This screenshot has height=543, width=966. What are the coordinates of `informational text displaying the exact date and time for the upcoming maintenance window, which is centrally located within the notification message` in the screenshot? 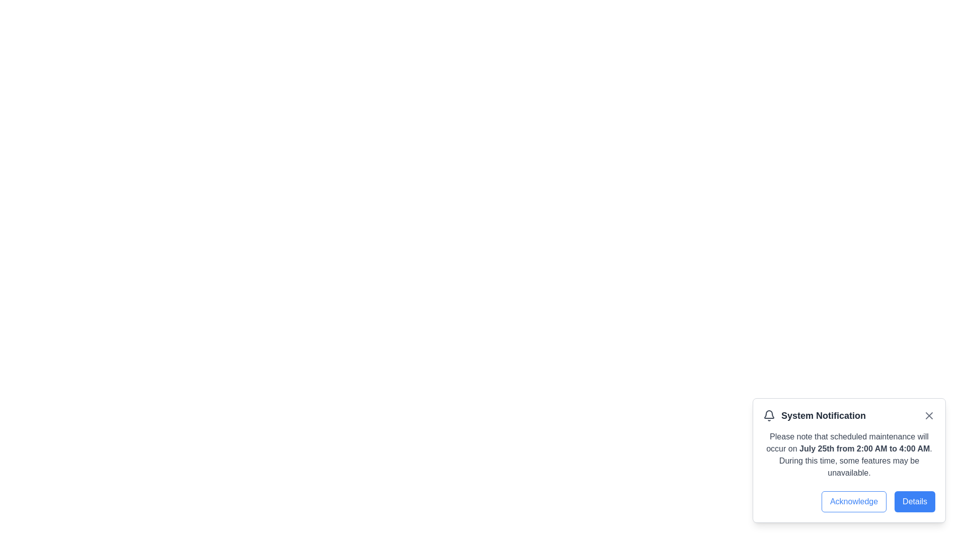 It's located at (864, 448).